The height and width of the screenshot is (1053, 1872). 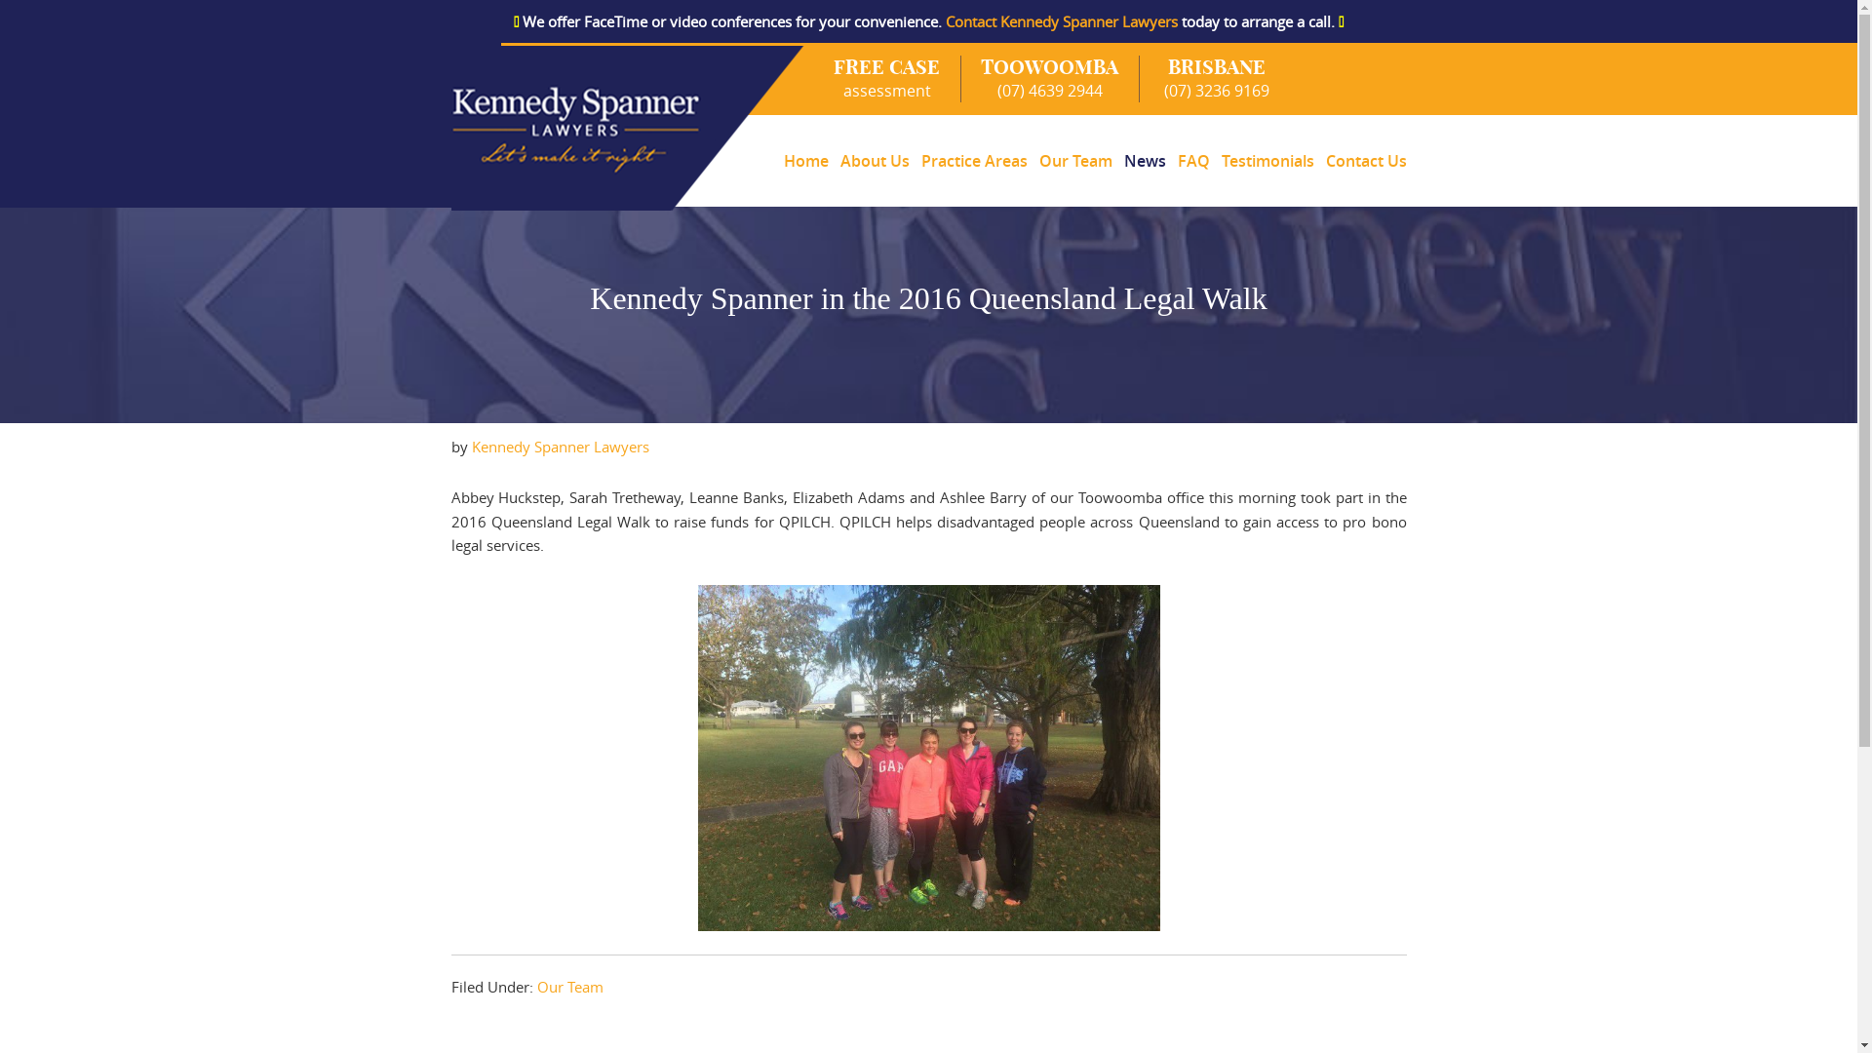 I want to click on 'Practice Areas', so click(x=973, y=160).